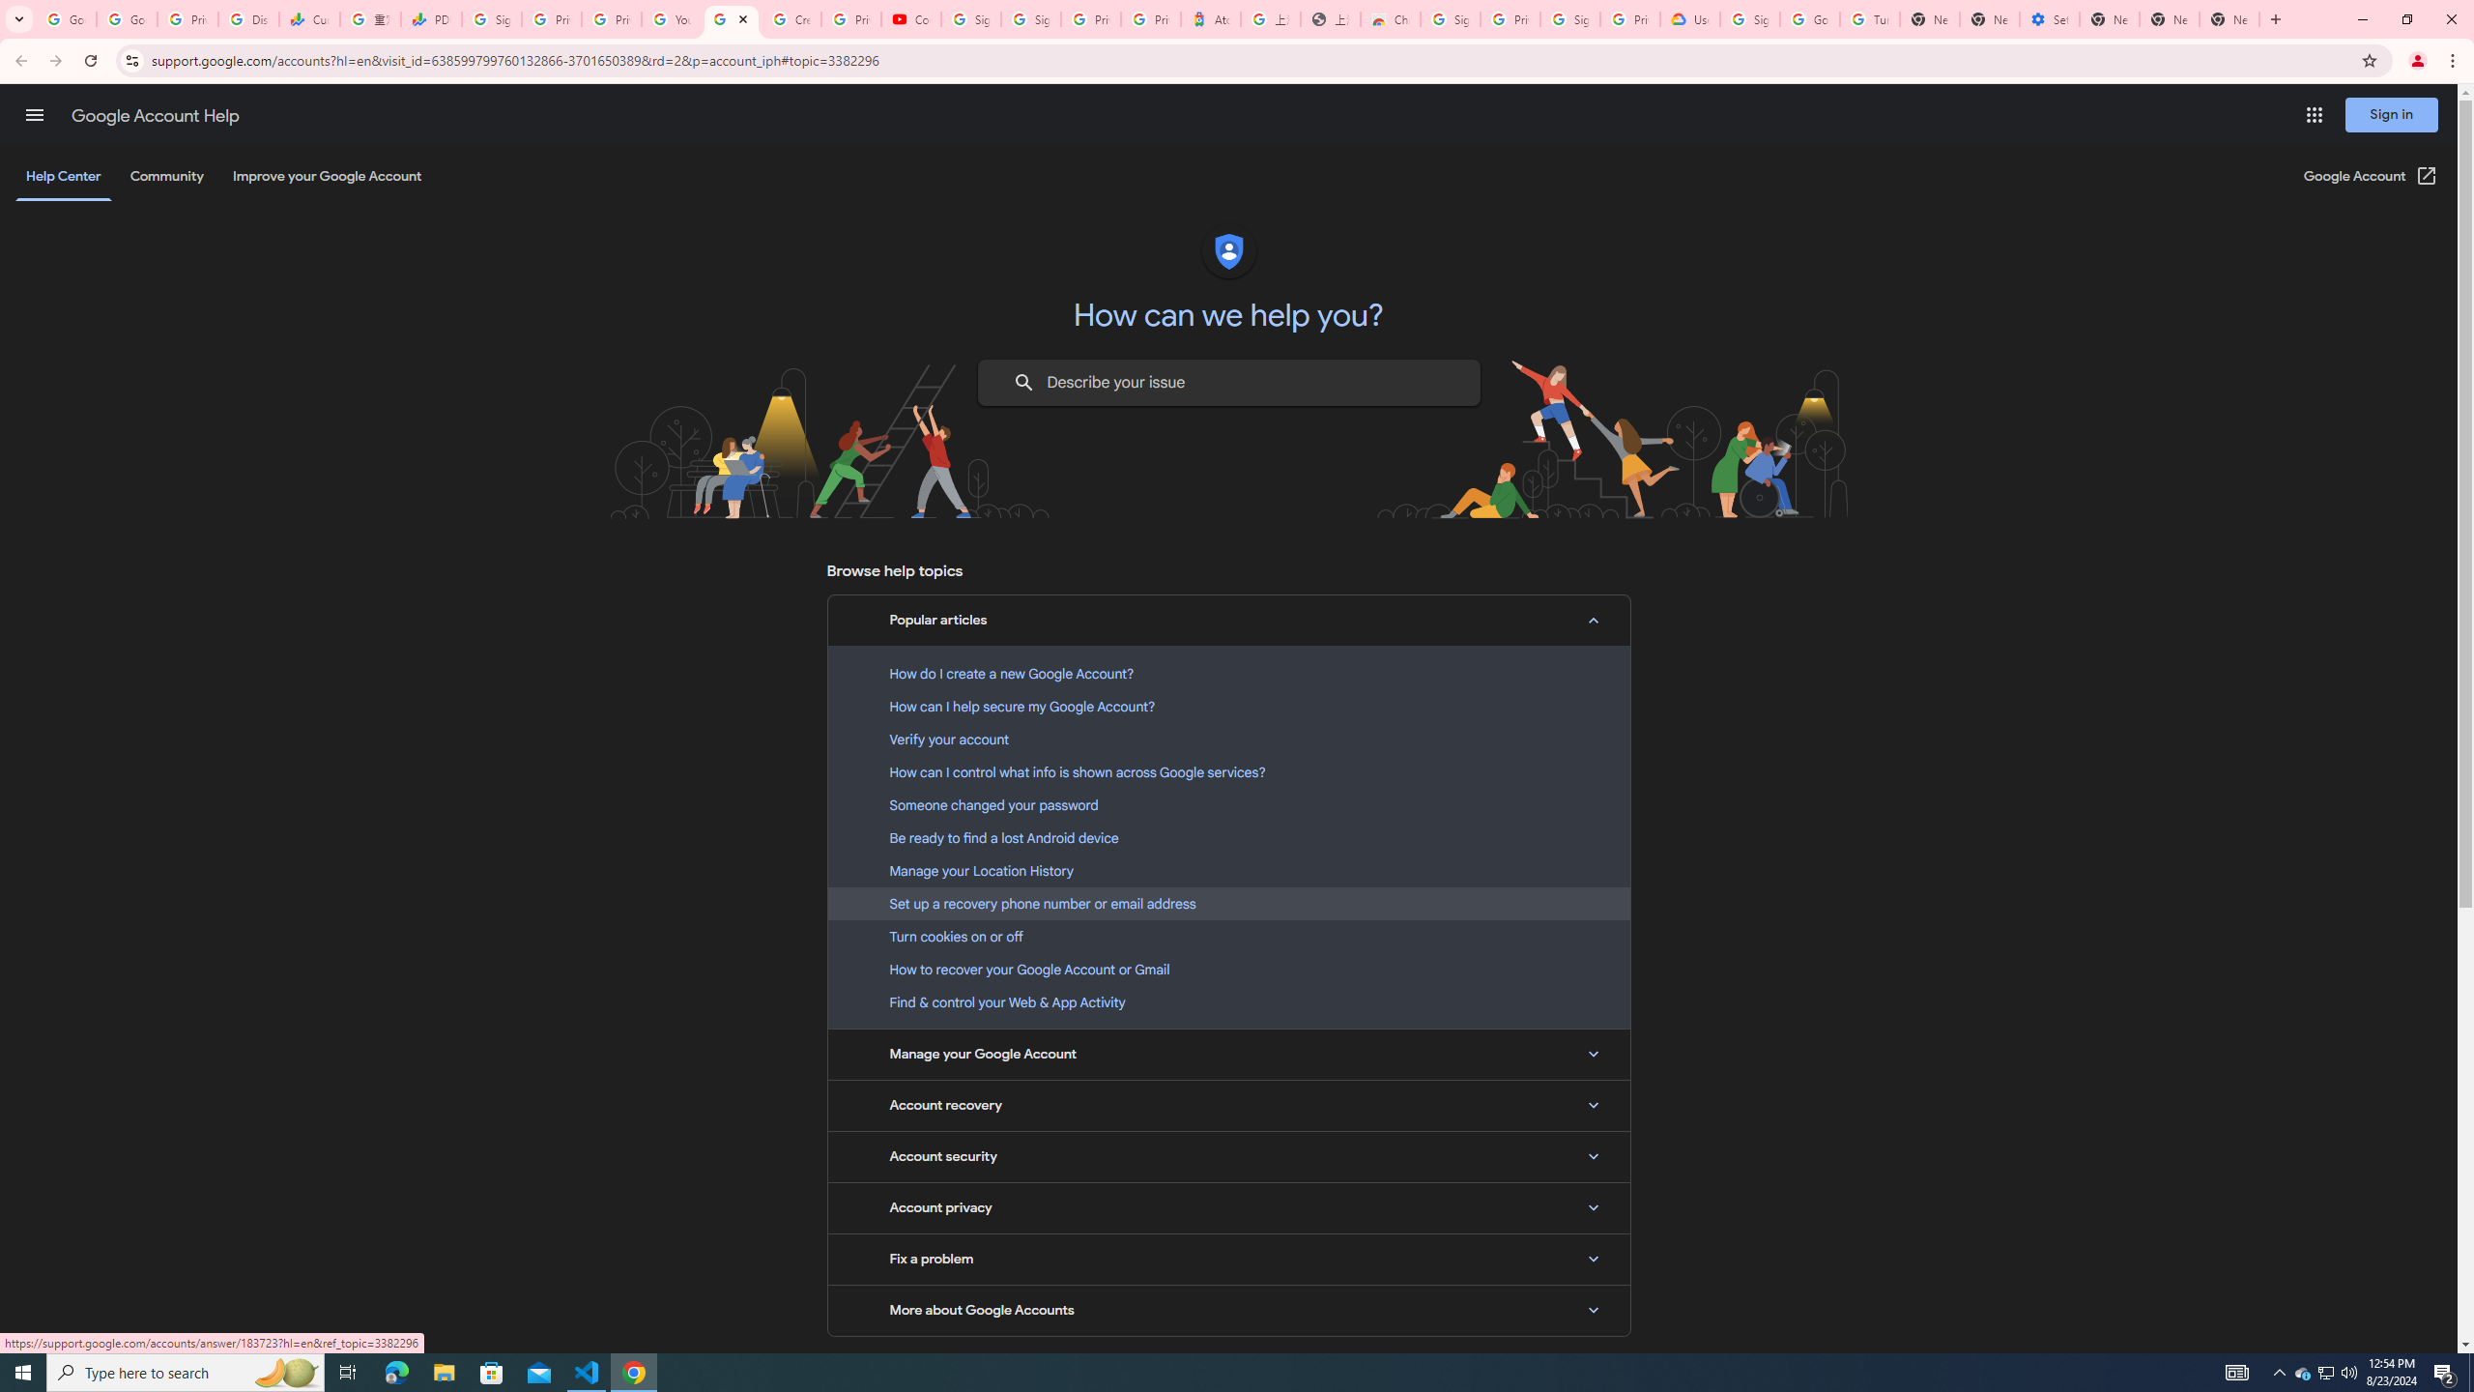  I want to click on 'New Tab', so click(2229, 18).